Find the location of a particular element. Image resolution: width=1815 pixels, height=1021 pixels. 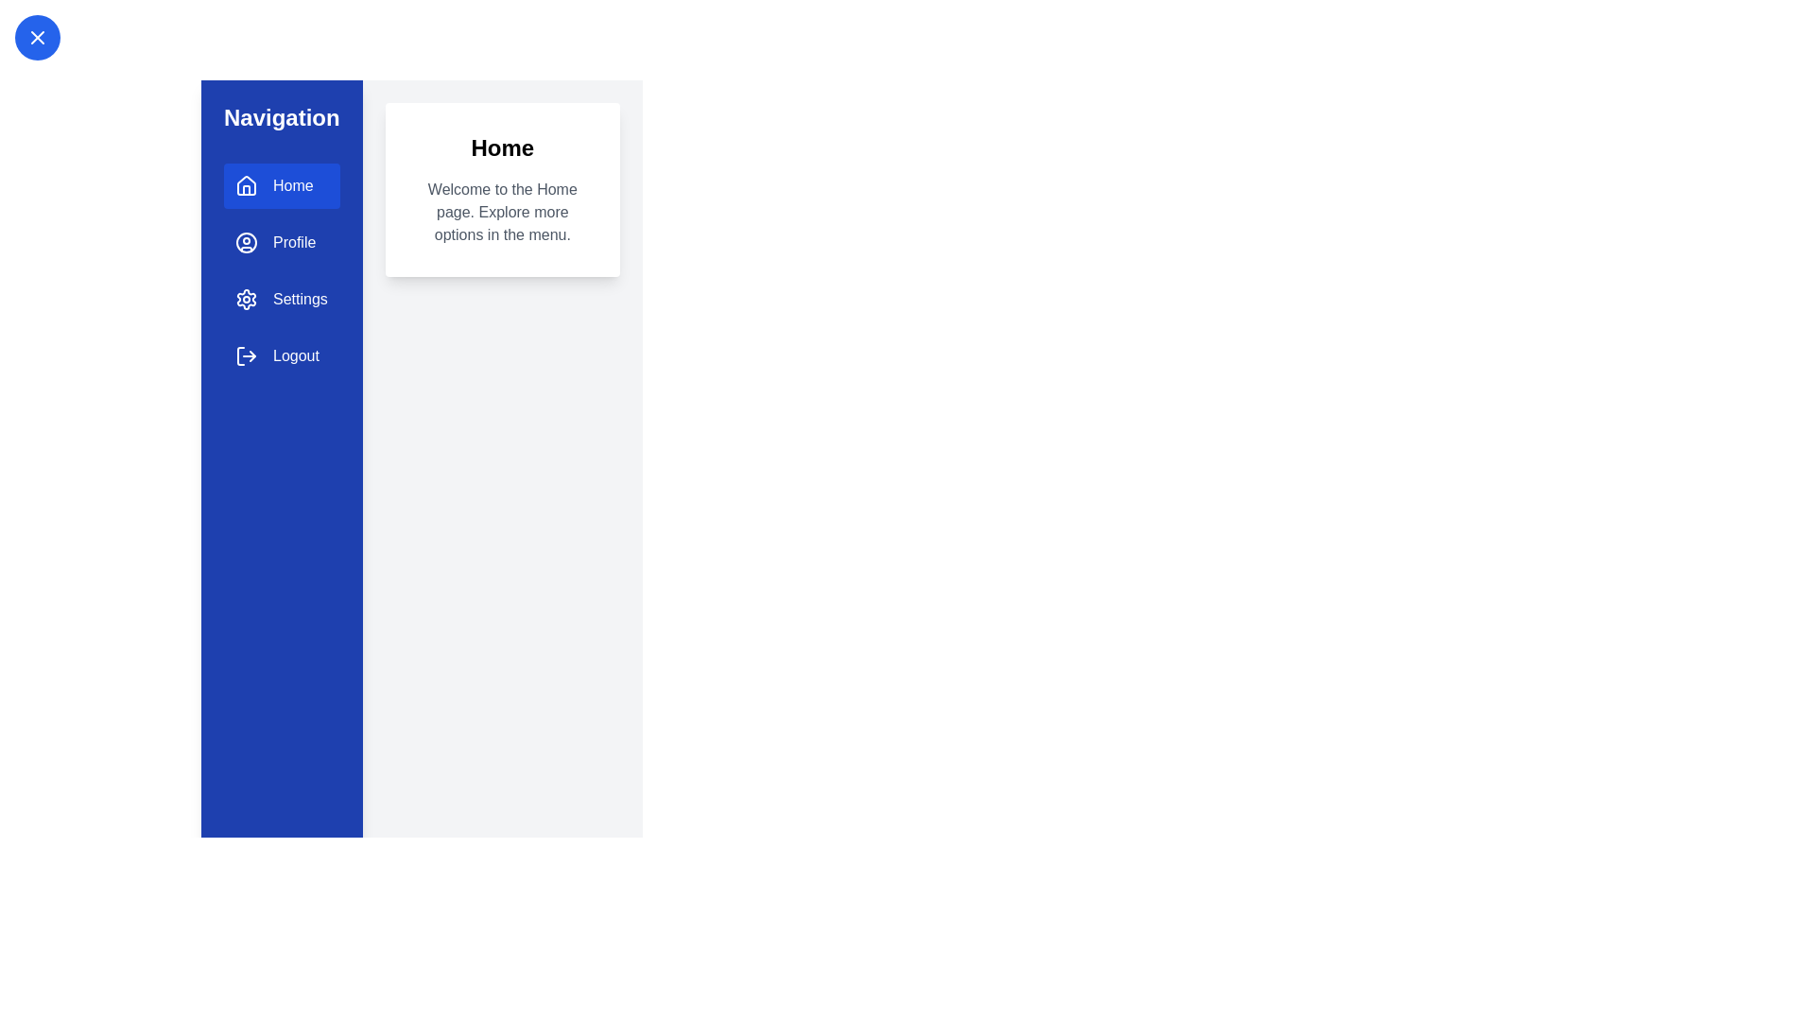

the navigation option Home to trigger its visual effect is located at coordinates (280, 185).